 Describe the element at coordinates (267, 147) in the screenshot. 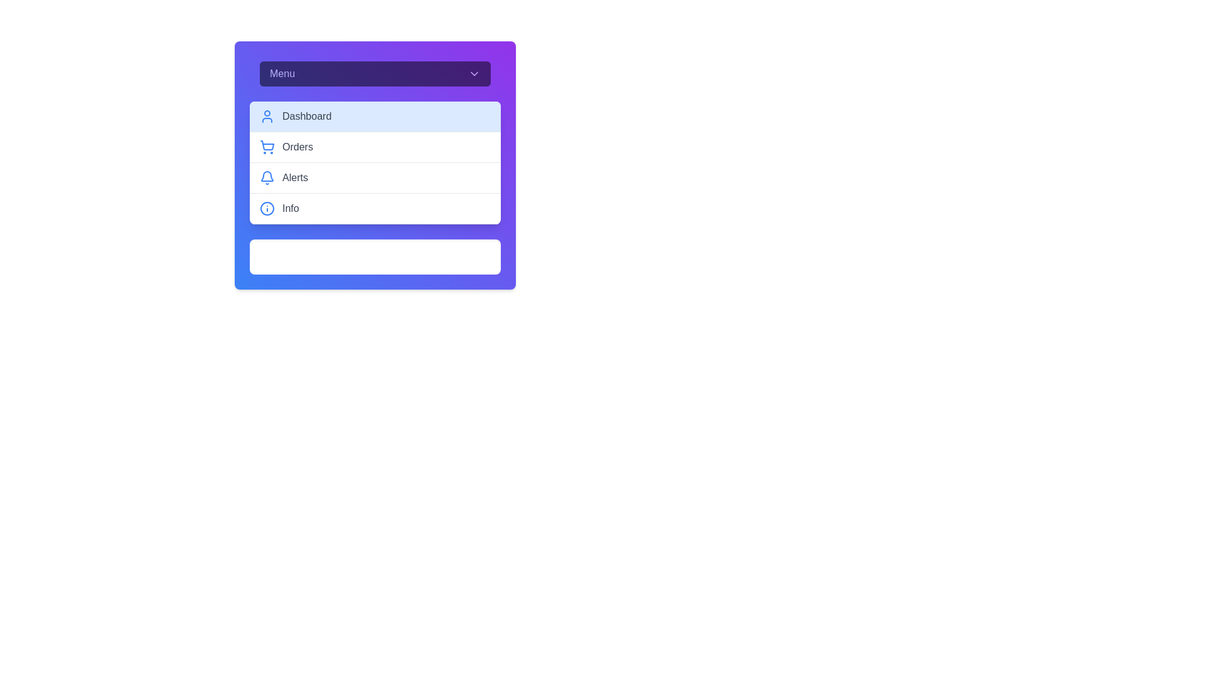

I see `the blue shopping cart icon located at the leftmost part of the 'Orders' row in the vertical menu` at that location.